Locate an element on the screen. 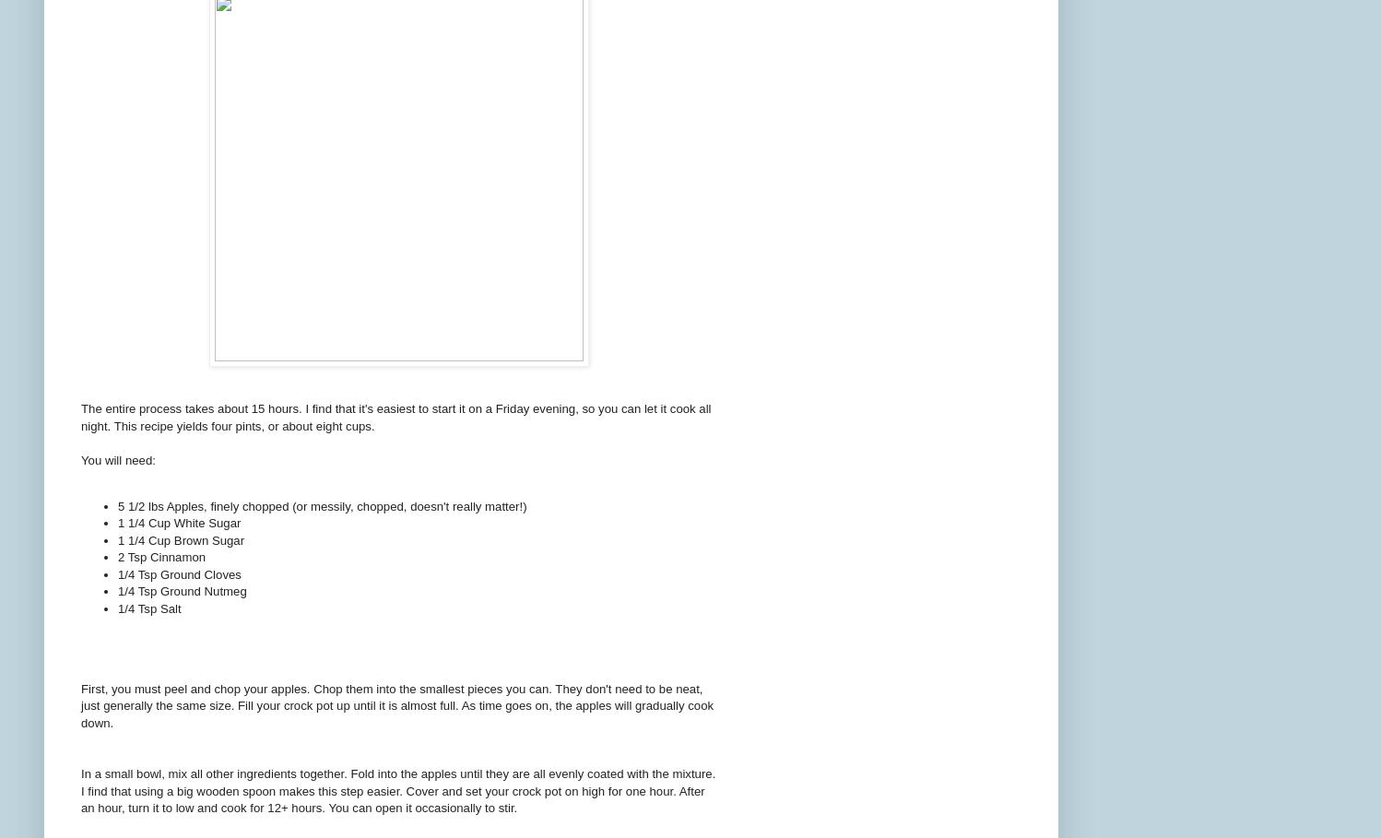 The width and height of the screenshot is (1381, 838). '5 1/2 lbs Apples, finely chopped (or messily, chopped, doesn't really matter!)' is located at coordinates (117, 505).